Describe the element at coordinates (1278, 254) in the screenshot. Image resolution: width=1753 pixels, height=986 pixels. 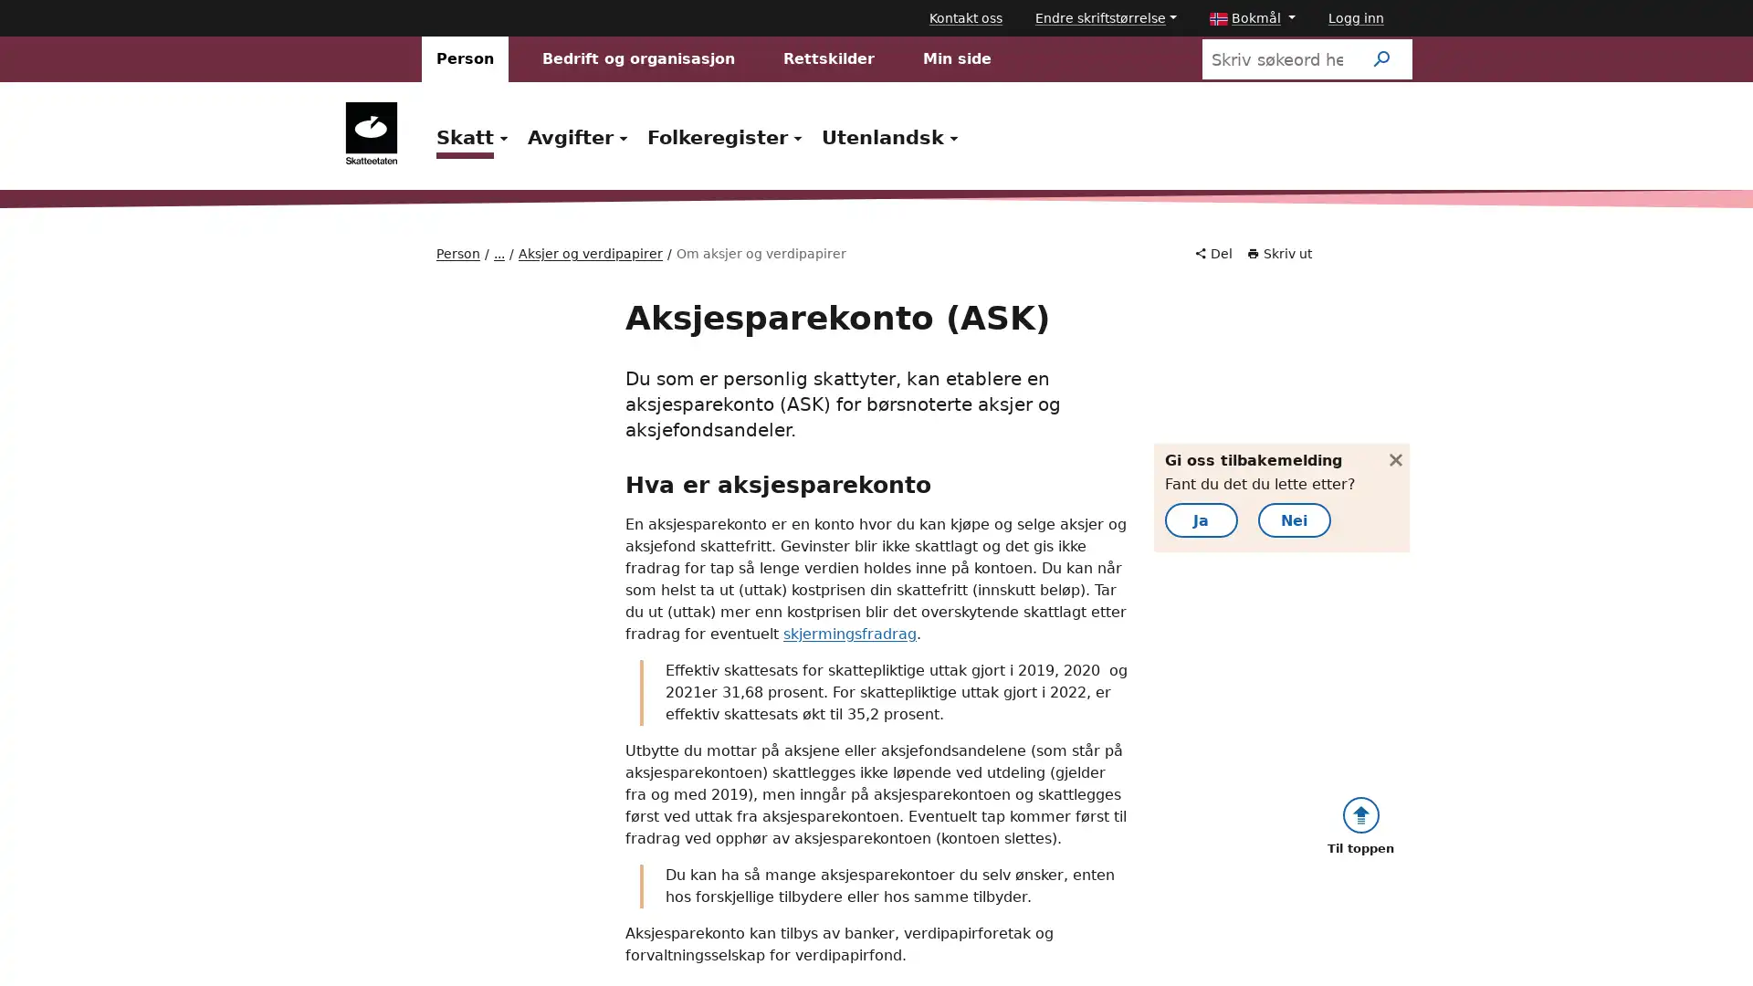
I see `Skriv ut` at that location.